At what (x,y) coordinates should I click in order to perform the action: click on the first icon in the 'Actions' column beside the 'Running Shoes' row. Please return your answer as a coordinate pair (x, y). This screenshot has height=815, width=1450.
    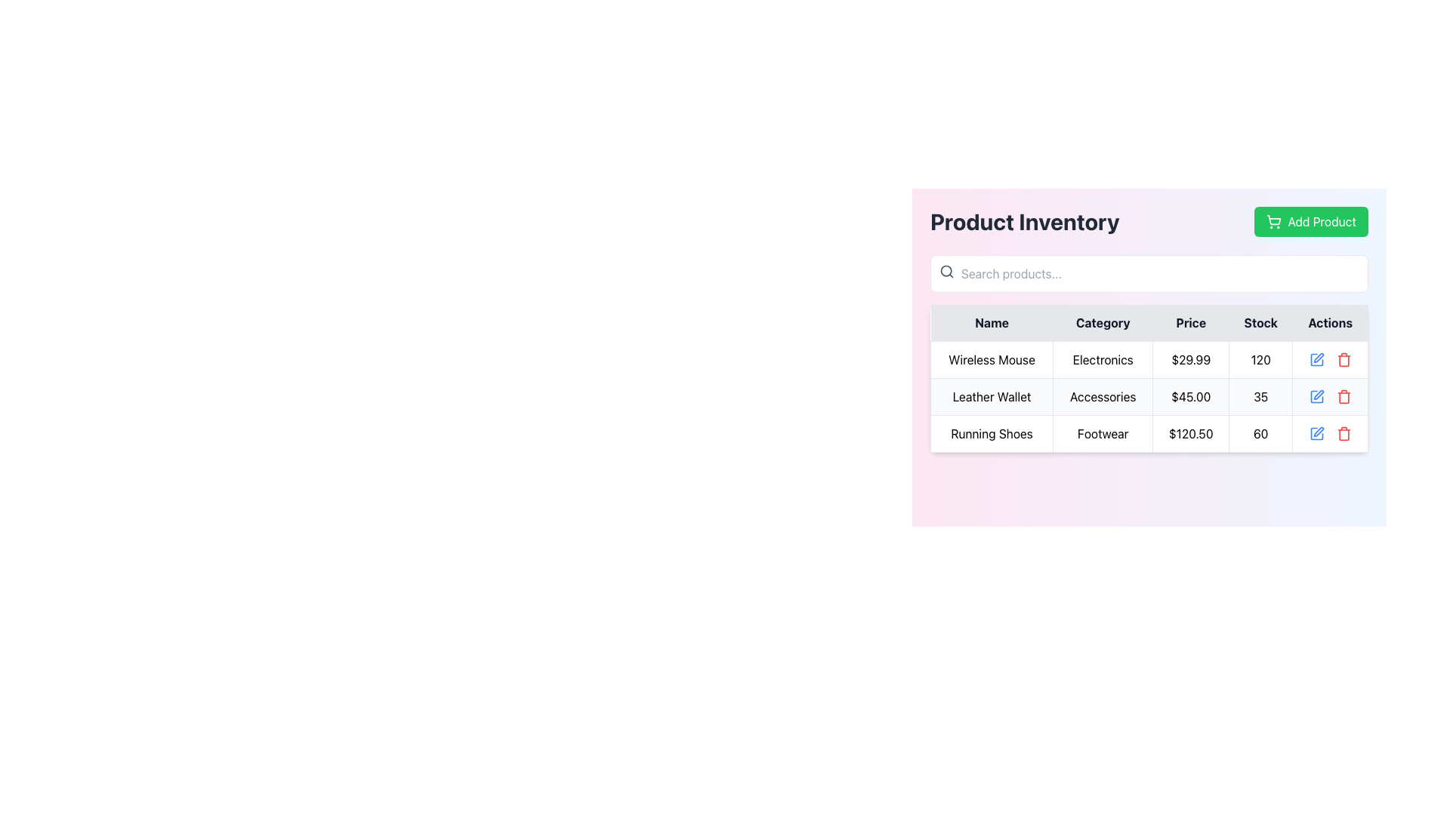
    Looking at the image, I should click on (1318, 432).